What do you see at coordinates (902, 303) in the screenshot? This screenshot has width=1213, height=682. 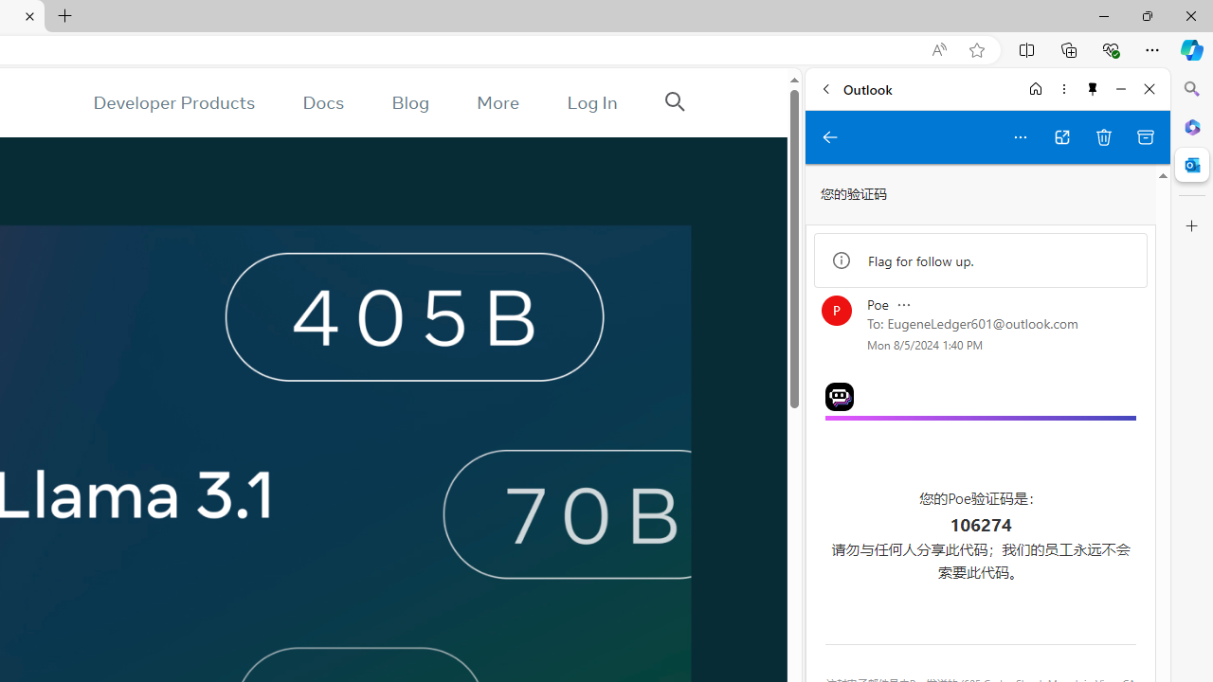 I see `'Message actions'` at bounding box center [902, 303].